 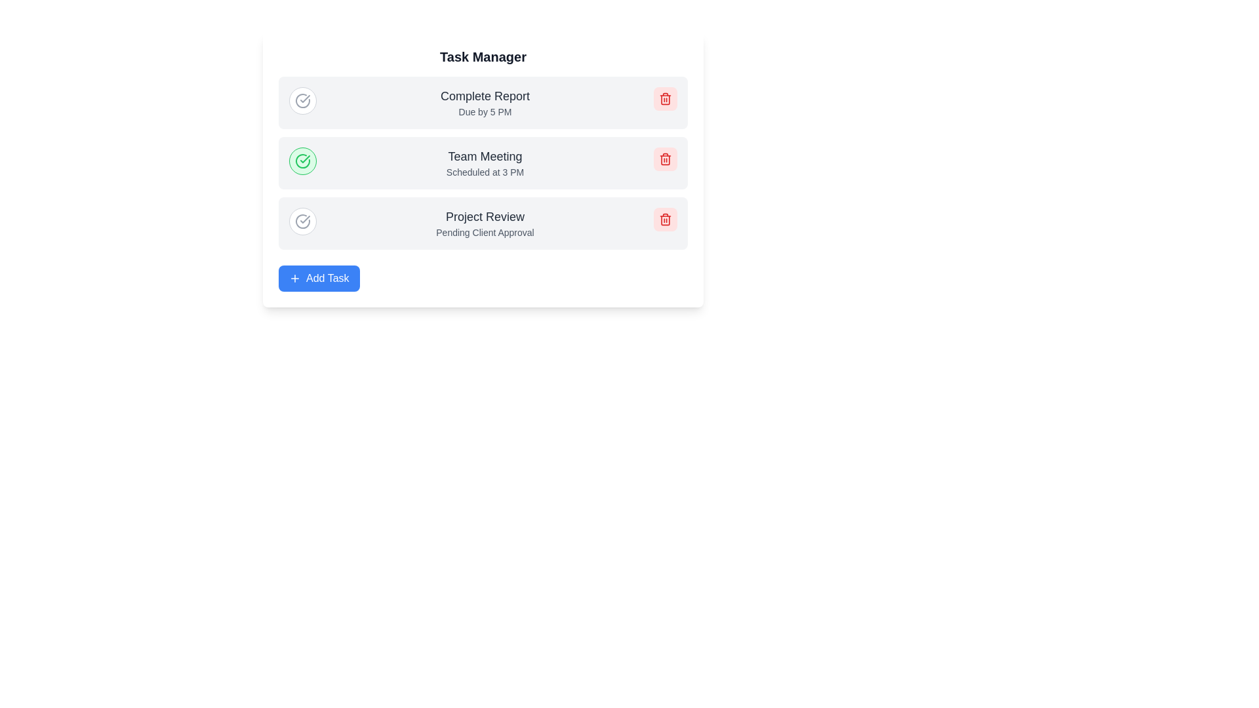 What do you see at coordinates (665, 159) in the screenshot?
I see `the red trash bin icon associated with delete actions` at bounding box center [665, 159].